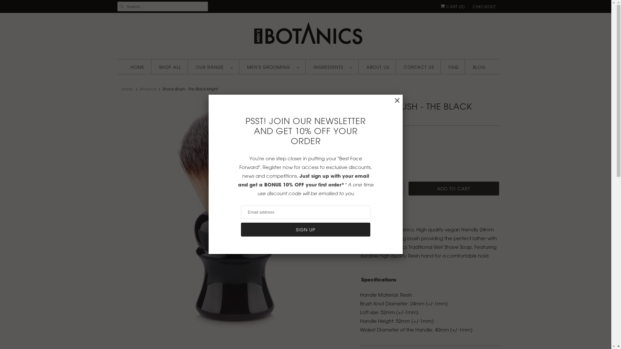 This screenshot has height=349, width=621. I want to click on 'CART (0)', so click(440, 6).